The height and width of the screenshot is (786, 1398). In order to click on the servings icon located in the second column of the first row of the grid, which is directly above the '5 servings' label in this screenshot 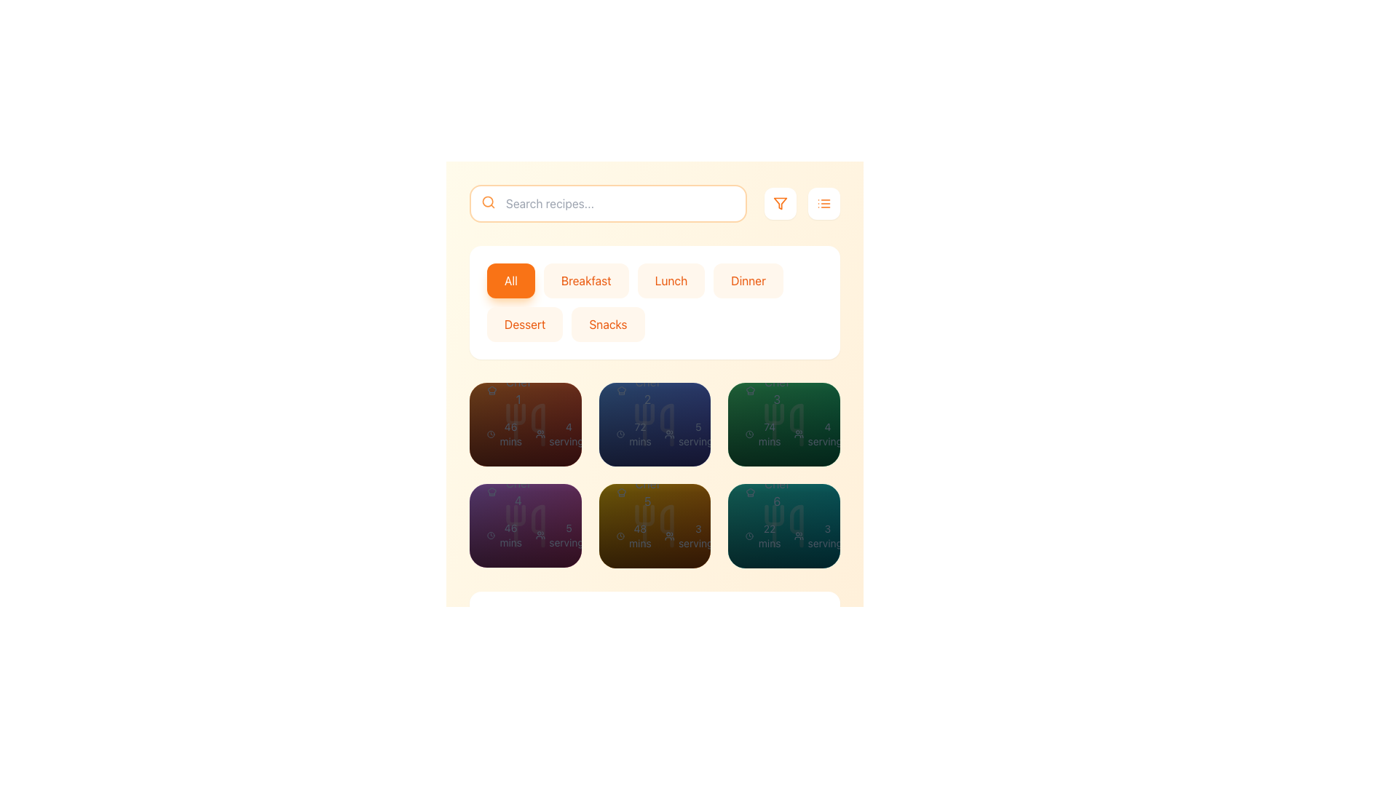, I will do `click(669, 434)`.